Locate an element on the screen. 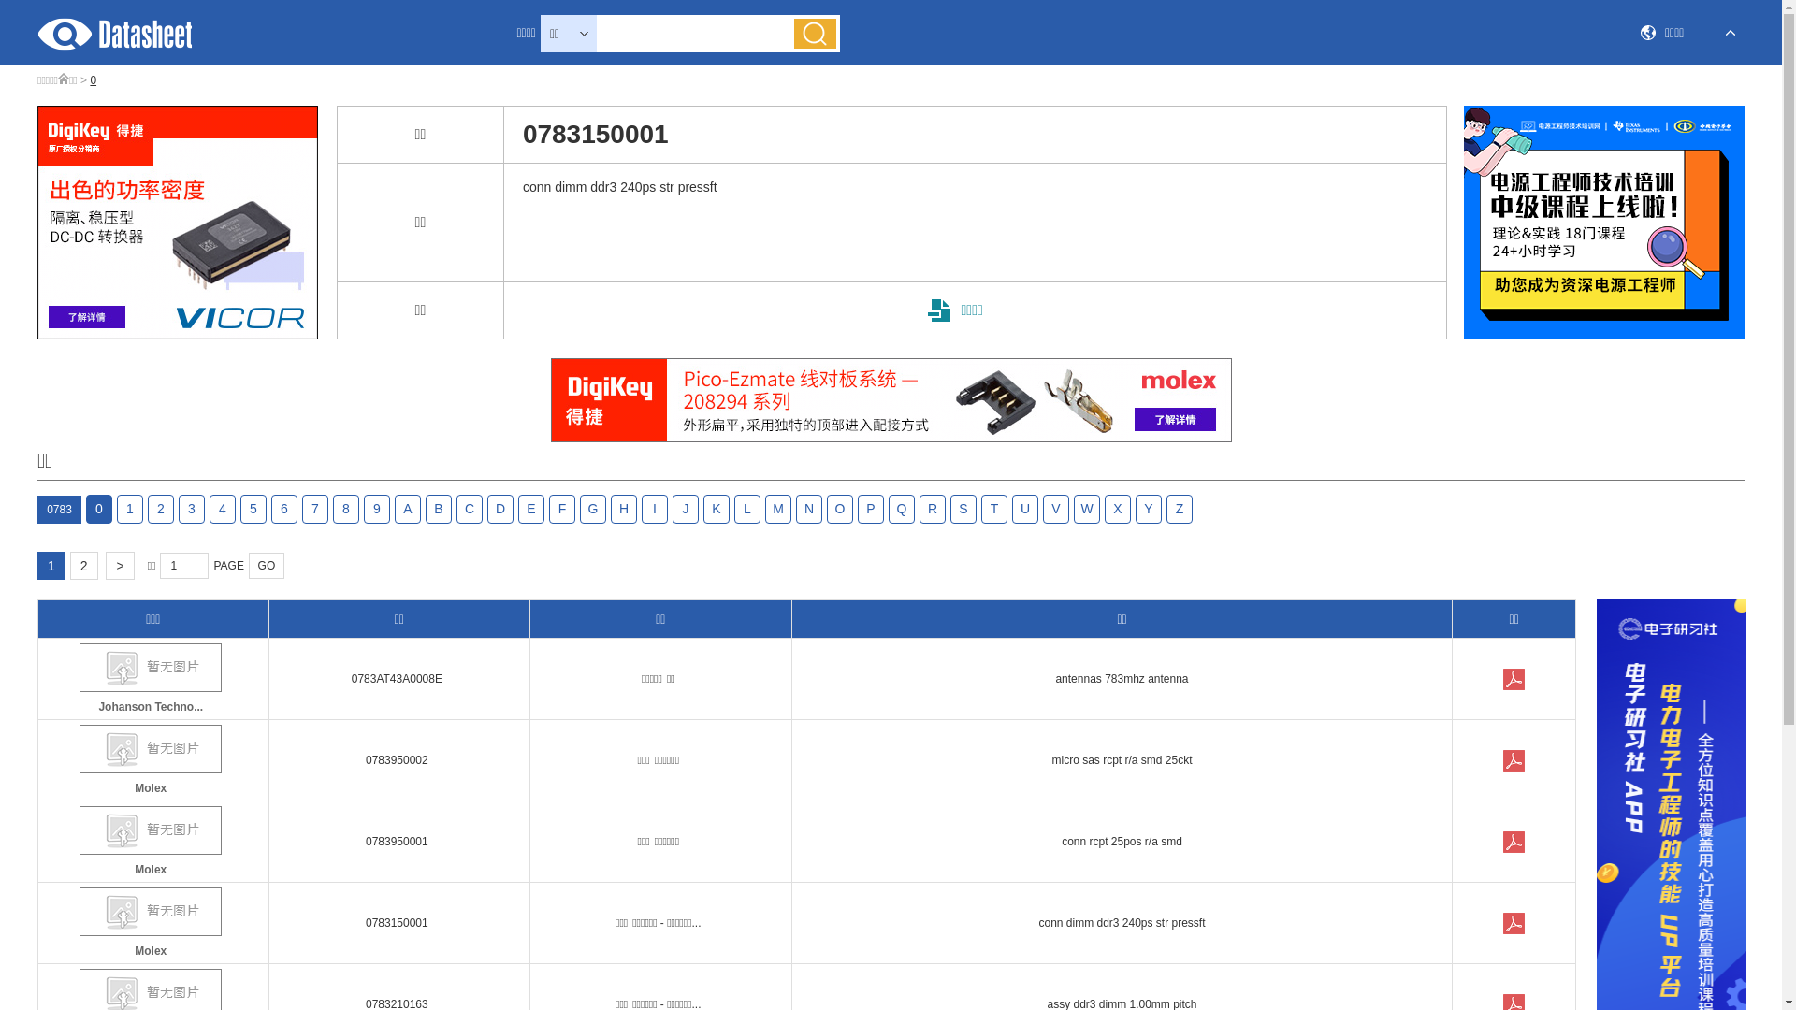 Image resolution: width=1796 pixels, height=1010 pixels. 'D' is located at coordinates (500, 509).